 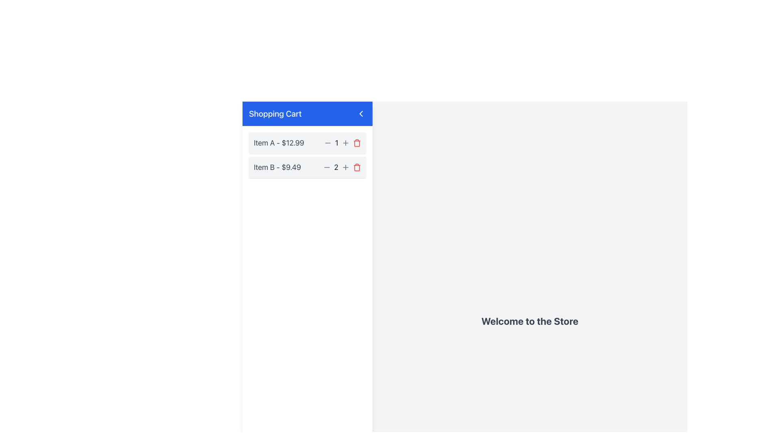 I want to click on the quantity display text element in the shopping cart section that shows the count of 'Item B - $9.49', so click(x=342, y=167).